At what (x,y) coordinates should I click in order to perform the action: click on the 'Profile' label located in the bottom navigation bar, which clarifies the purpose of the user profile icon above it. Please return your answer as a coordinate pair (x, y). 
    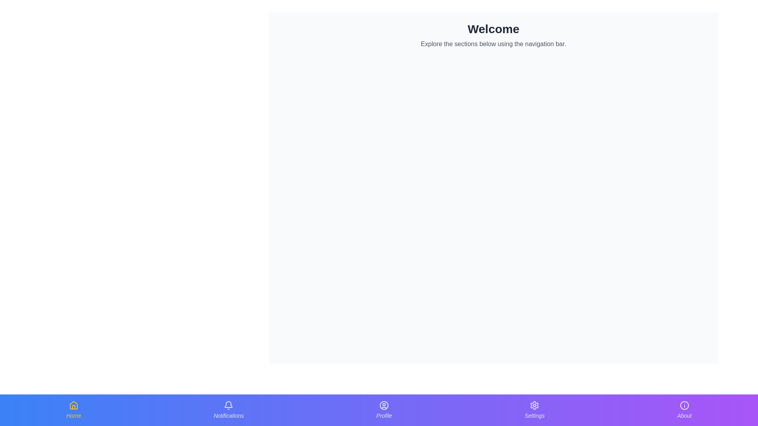
    Looking at the image, I should click on (384, 415).